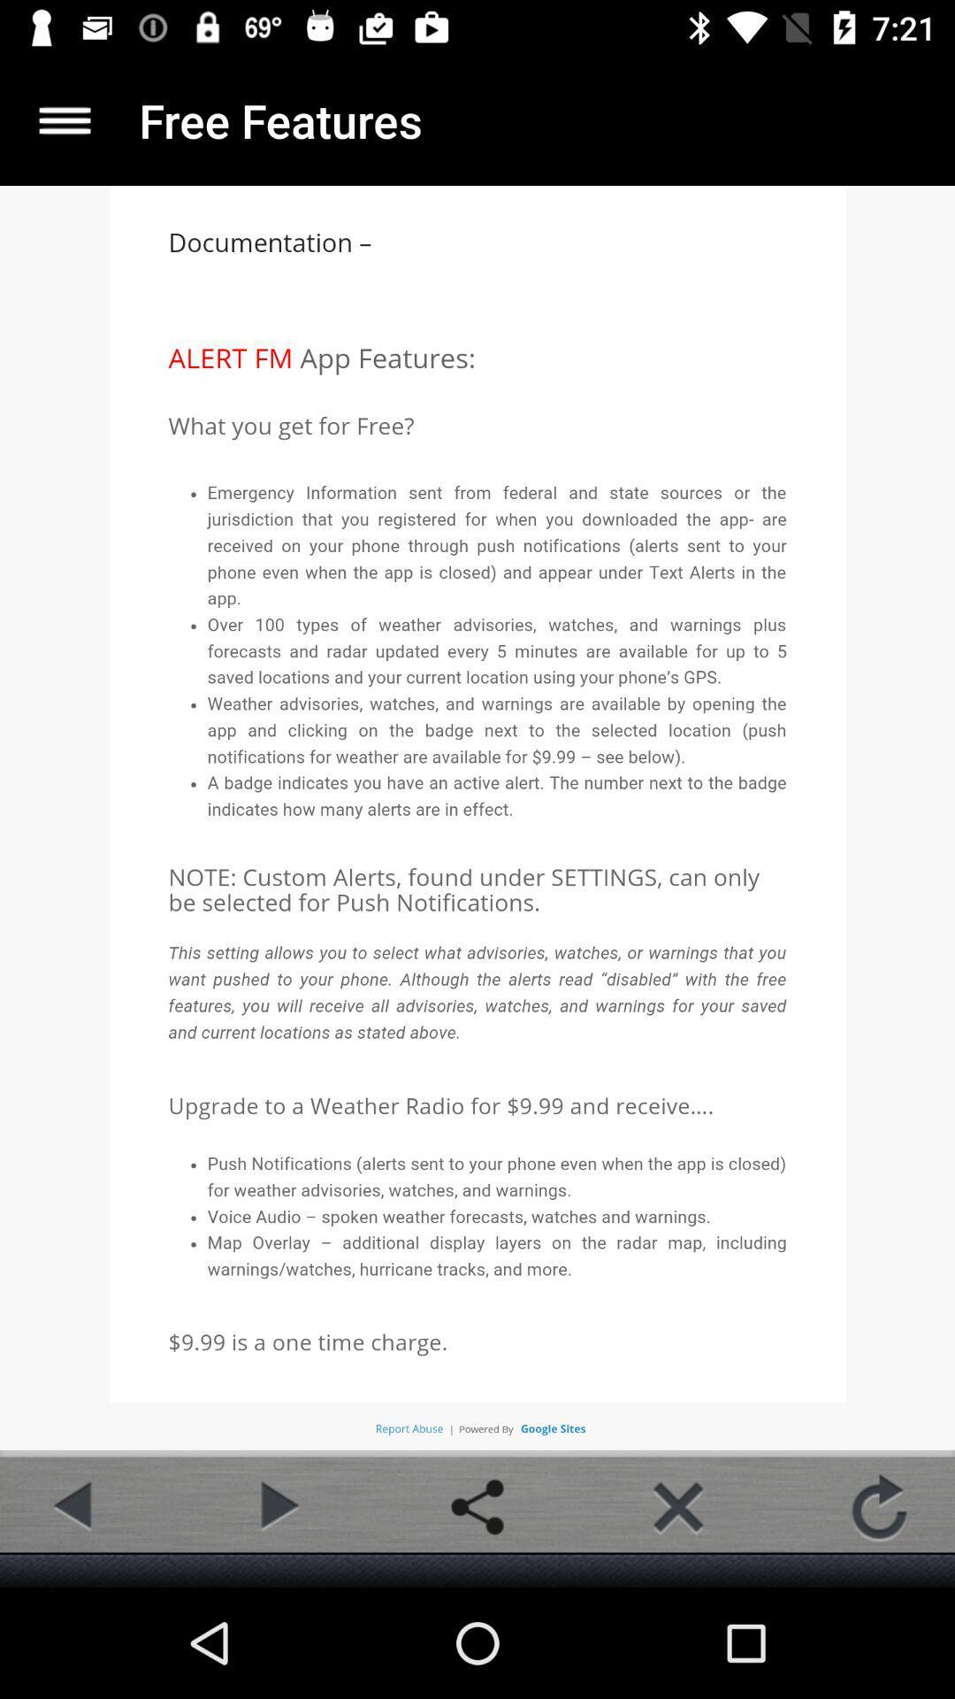 This screenshot has width=955, height=1699. What do you see at coordinates (276, 1506) in the screenshot?
I see `next` at bounding box center [276, 1506].